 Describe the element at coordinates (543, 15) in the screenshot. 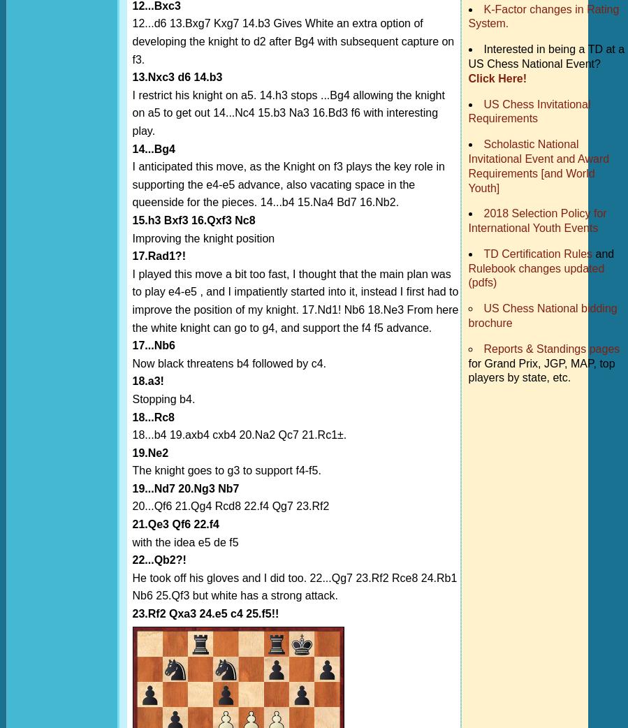

I see `'K-Factor changes in Rating System.'` at that location.